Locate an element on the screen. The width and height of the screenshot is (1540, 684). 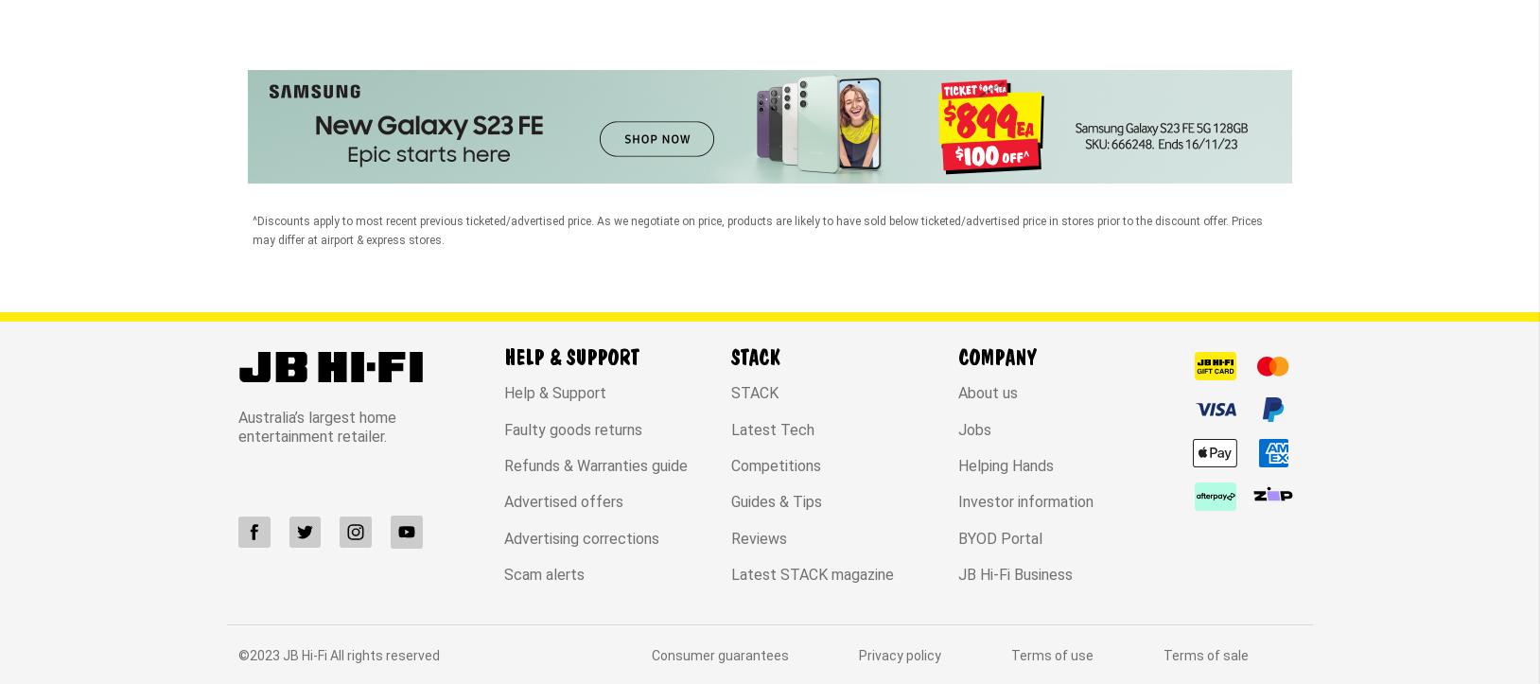
'Refunds & Warranties guide' is located at coordinates (503, 307).